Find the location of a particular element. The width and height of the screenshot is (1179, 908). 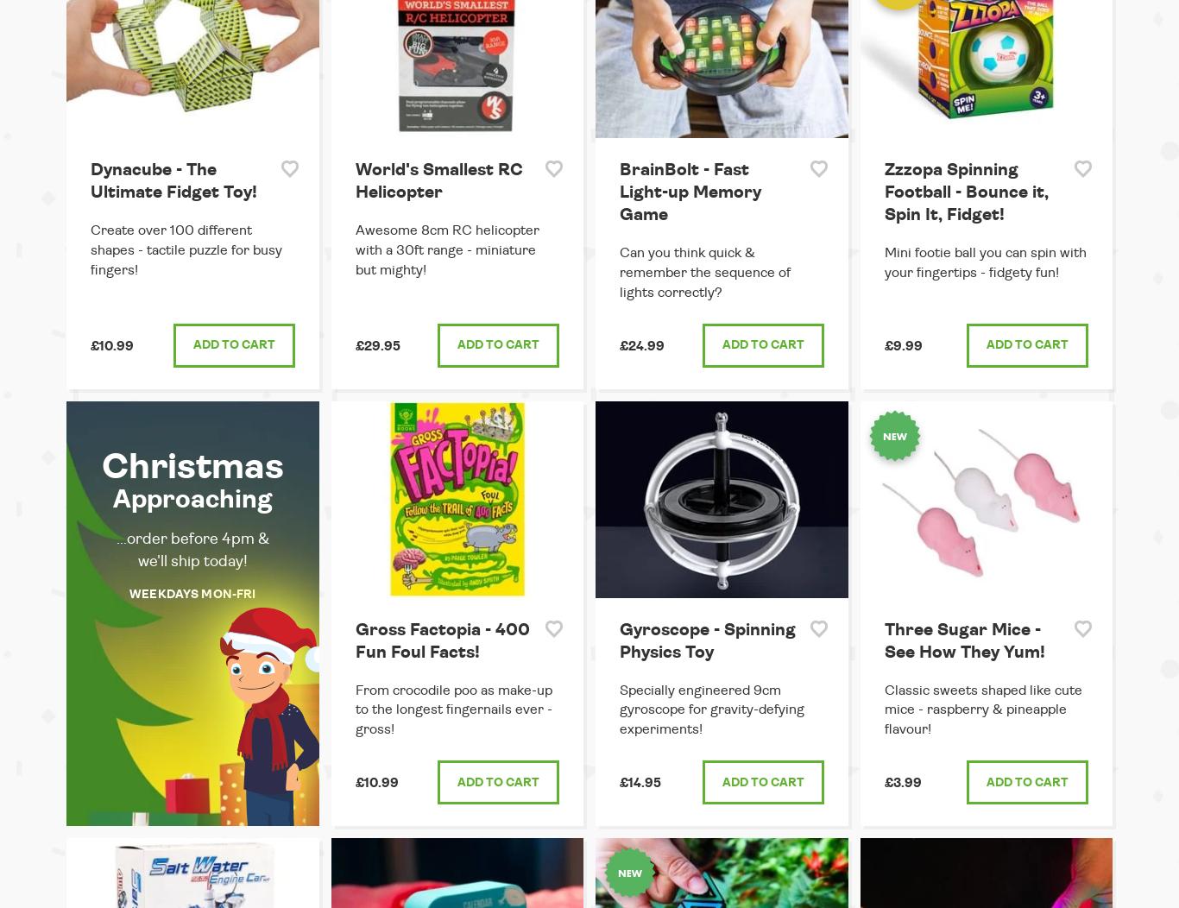

'Three Sugar Mice - See How They Yum!' is located at coordinates (962, 640).